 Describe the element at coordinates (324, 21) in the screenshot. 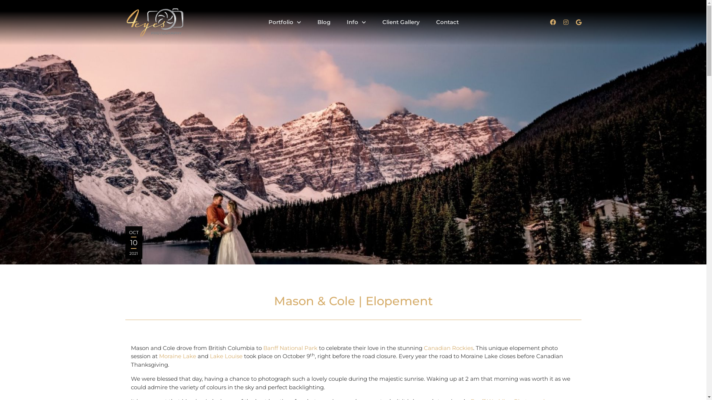

I see `'Blog'` at that location.